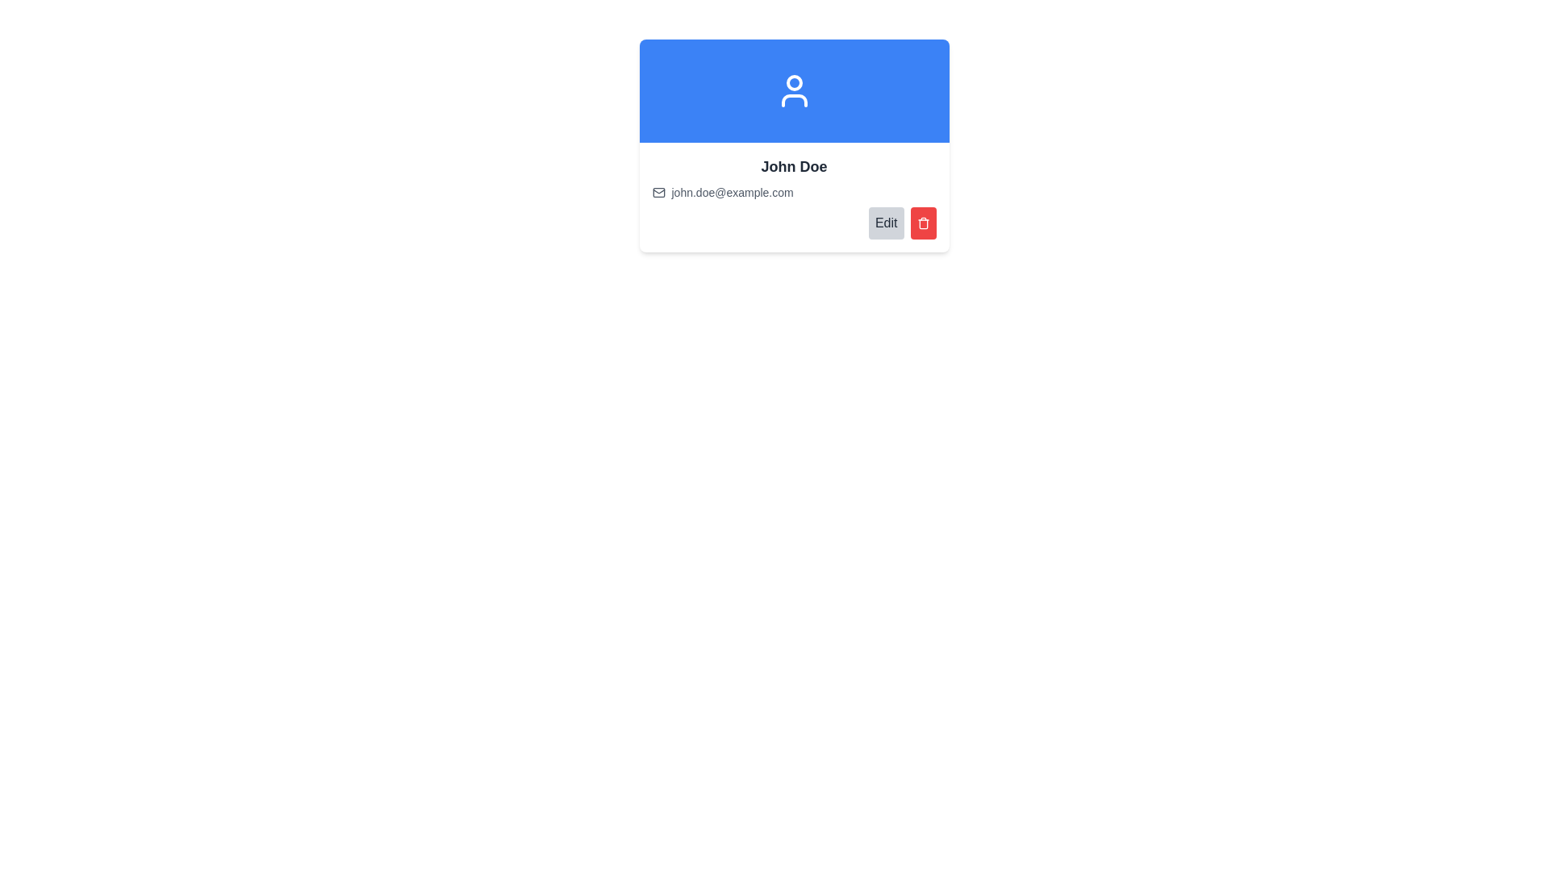  What do you see at coordinates (794, 167) in the screenshot?
I see `text displayed in the prominent heading element that shows 'John Doe' in large, bold, dark gray font` at bounding box center [794, 167].